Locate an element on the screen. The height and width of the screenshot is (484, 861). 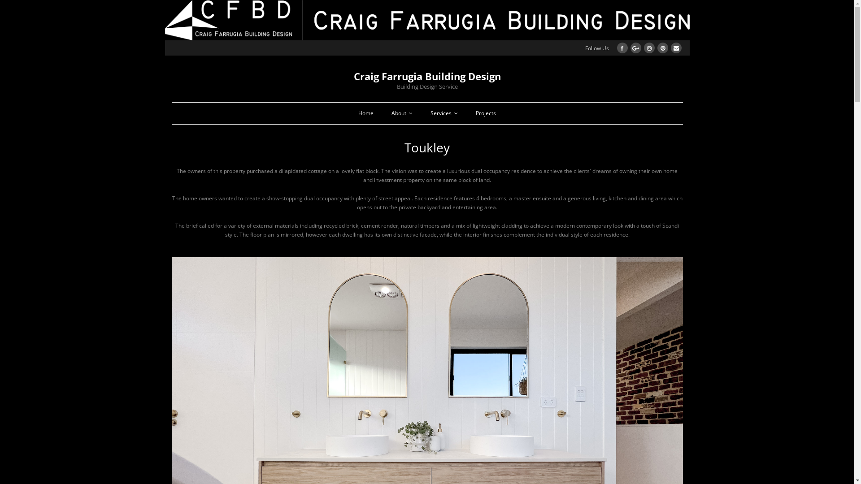
'Craig Farrugia Building Design is located at coordinates (426, 78).